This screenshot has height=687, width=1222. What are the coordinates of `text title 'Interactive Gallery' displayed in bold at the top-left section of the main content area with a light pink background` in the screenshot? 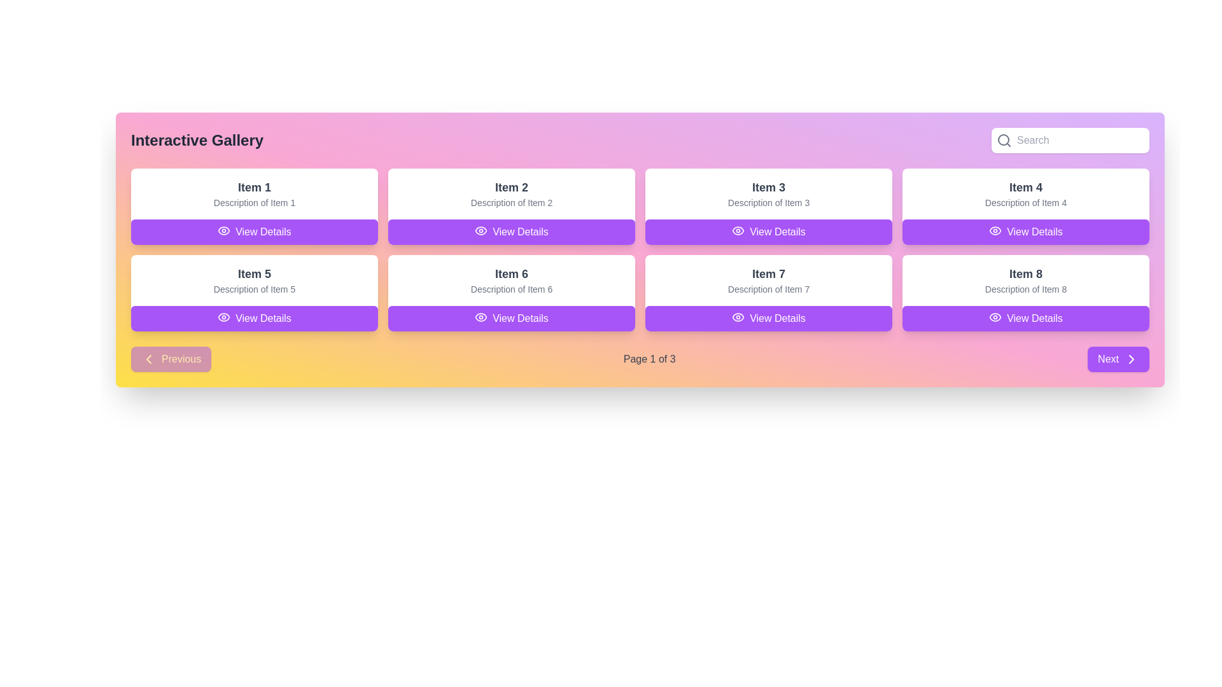 It's located at (197, 140).